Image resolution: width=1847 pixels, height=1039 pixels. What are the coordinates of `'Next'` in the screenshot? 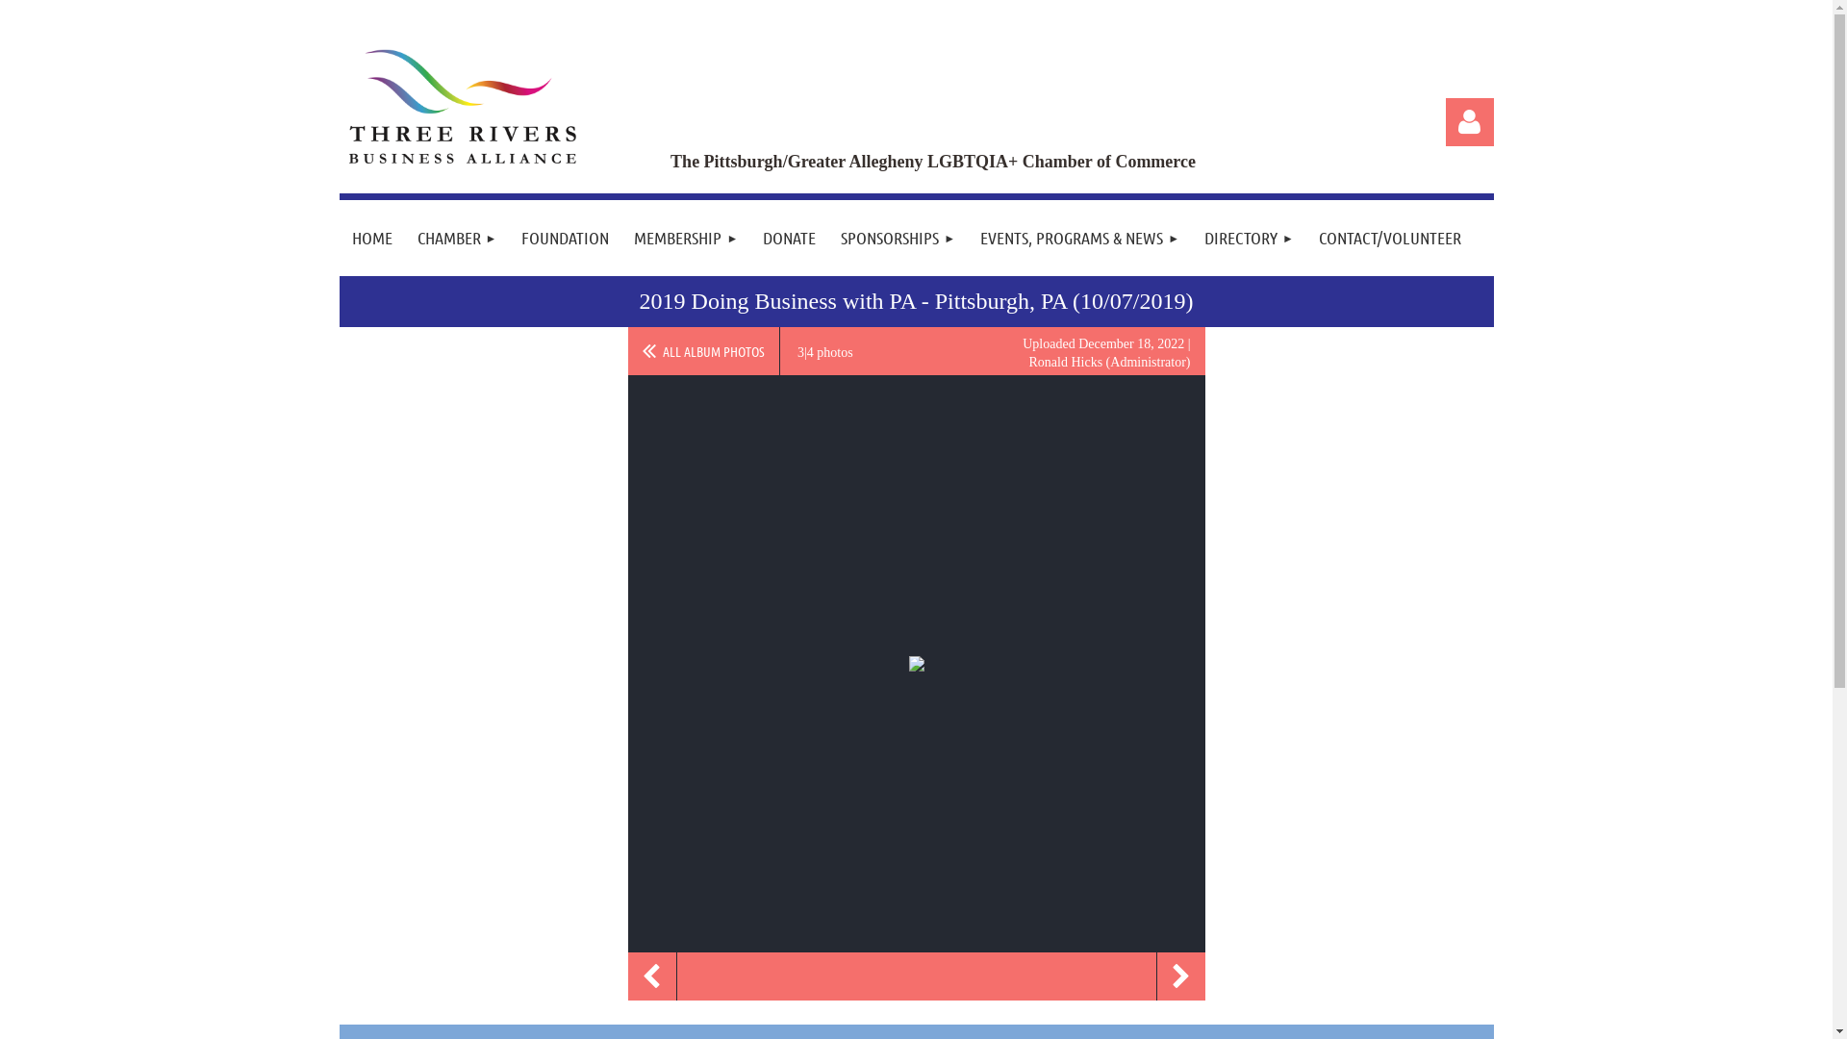 It's located at (1179, 976).